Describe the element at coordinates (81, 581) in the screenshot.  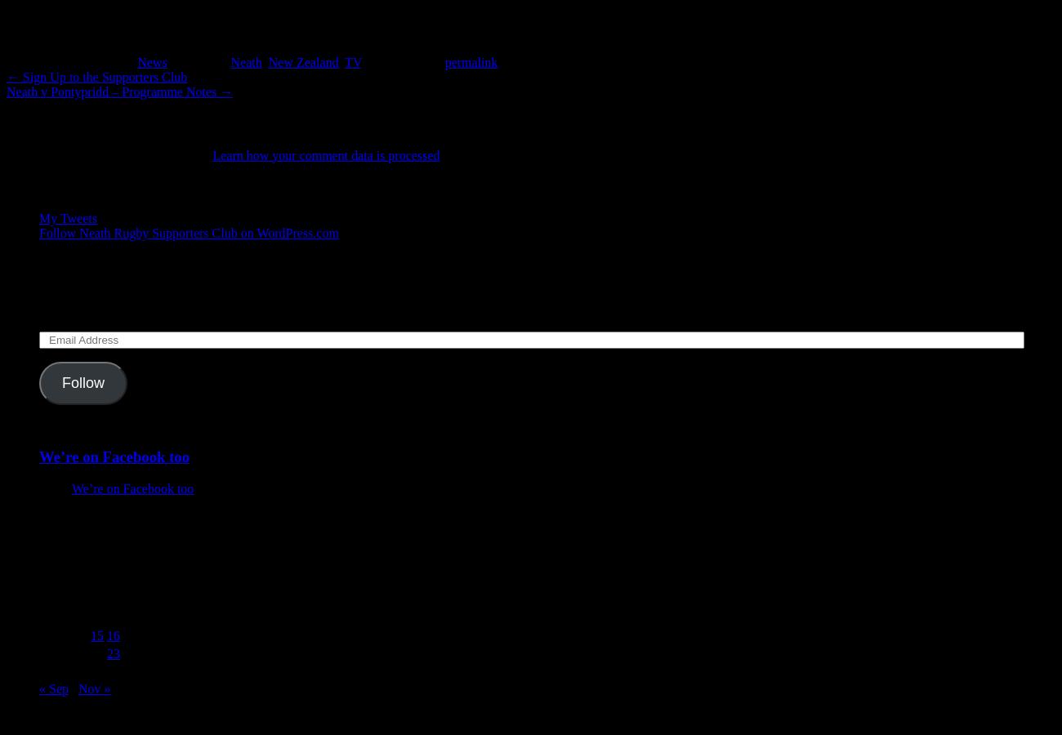
I see `'W'` at that location.